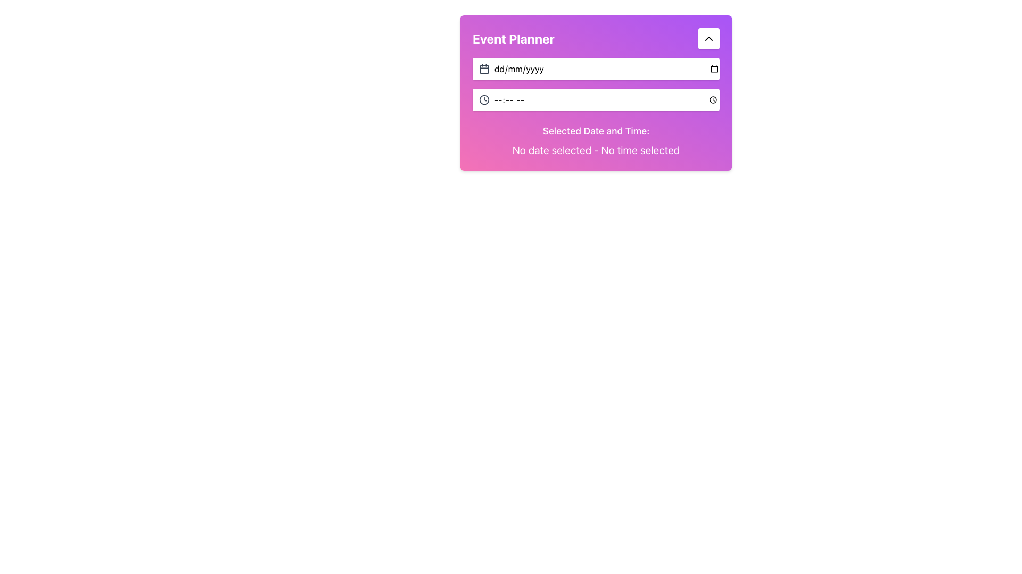 This screenshot has width=1022, height=574. I want to click on the chevron icon located in the top-right corner of the 'Event Planner' card, so click(708, 38).